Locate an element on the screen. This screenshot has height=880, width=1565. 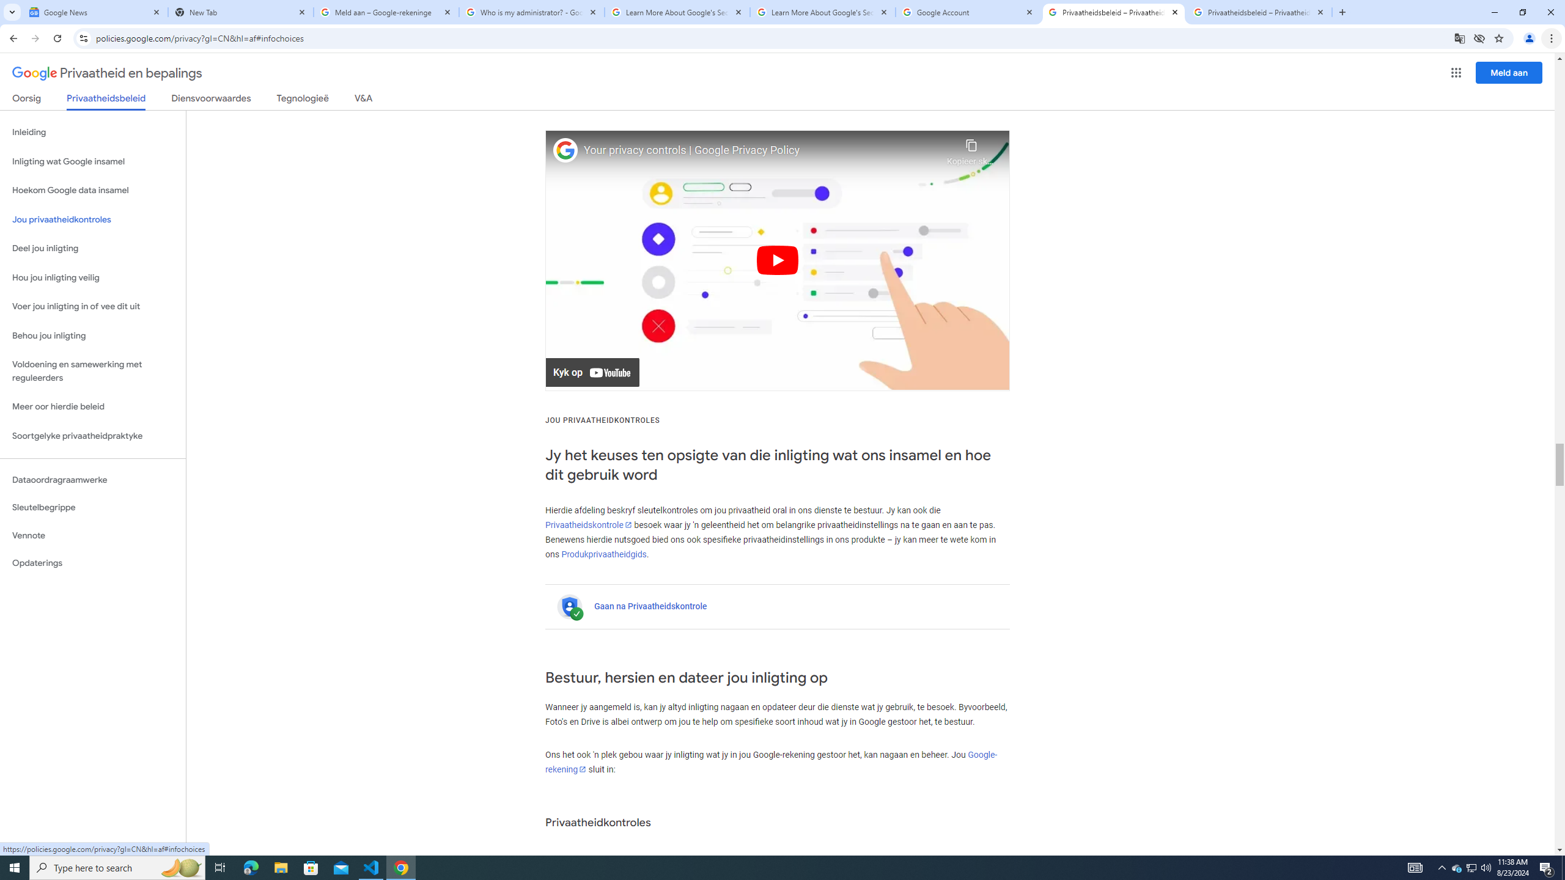
'Soortgelyke privaatheidpraktyke' is located at coordinates (92, 435).